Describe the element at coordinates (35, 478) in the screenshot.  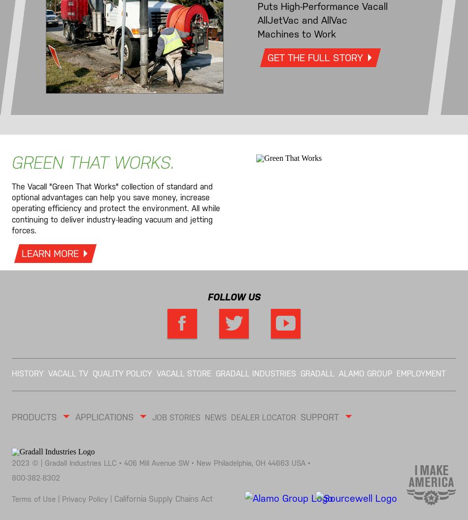
I see `'800-382-8302'` at that location.